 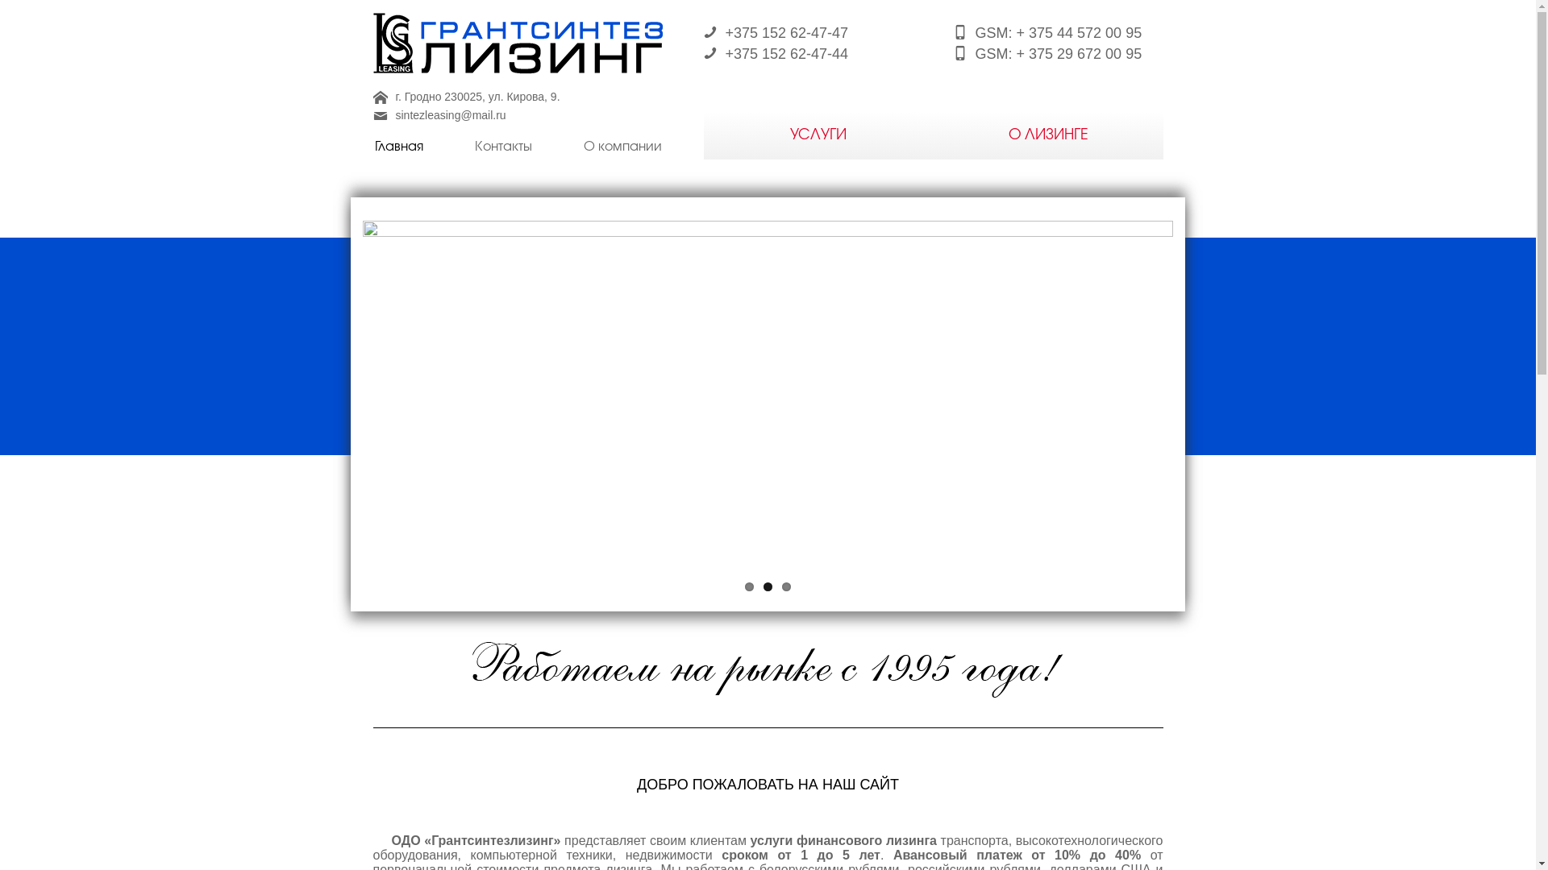 What do you see at coordinates (767, 586) in the screenshot?
I see `'2'` at bounding box center [767, 586].